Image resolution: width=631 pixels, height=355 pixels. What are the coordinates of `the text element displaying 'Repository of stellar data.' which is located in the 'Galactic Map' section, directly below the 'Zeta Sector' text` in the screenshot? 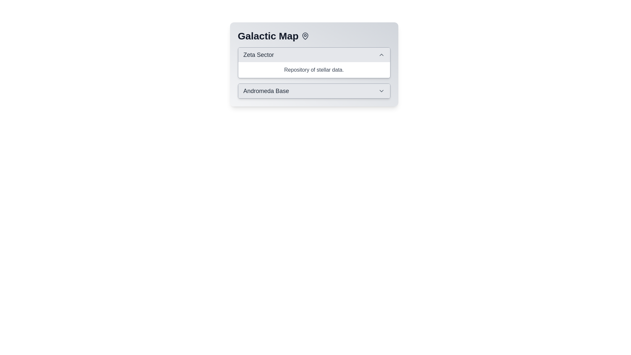 It's located at (314, 70).